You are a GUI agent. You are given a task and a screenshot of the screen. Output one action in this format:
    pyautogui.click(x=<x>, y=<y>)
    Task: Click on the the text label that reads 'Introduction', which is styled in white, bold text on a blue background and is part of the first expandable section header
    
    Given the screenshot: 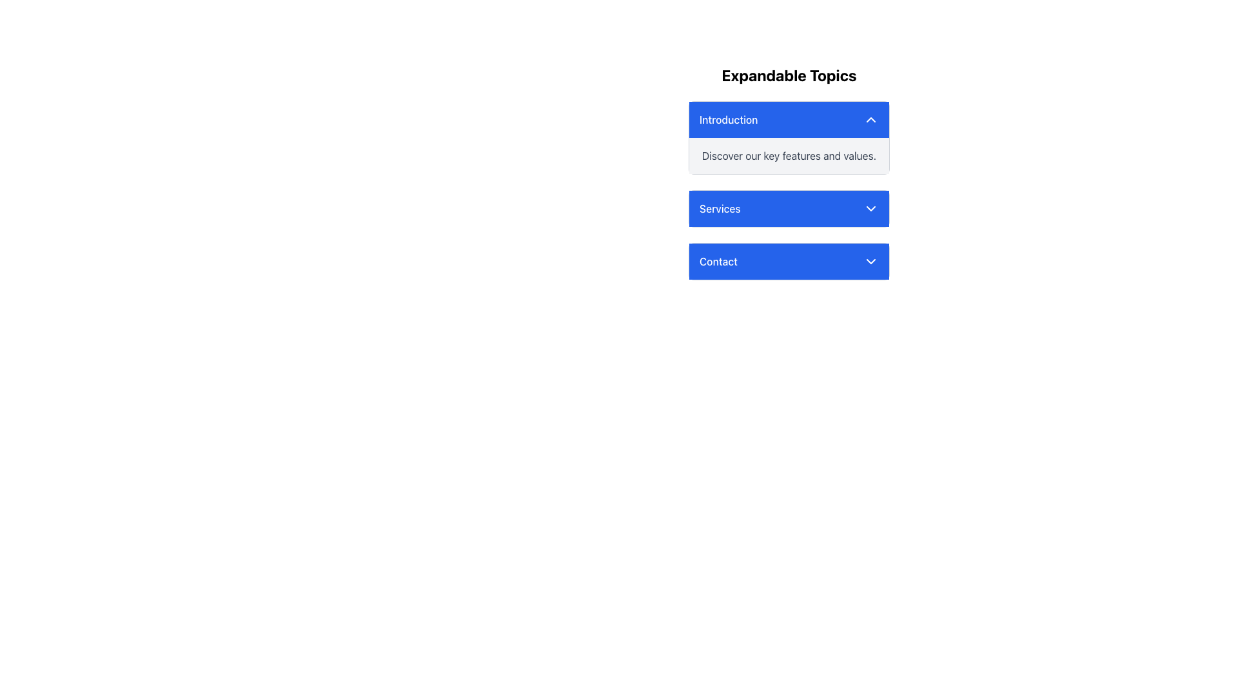 What is the action you would take?
    pyautogui.click(x=729, y=119)
    